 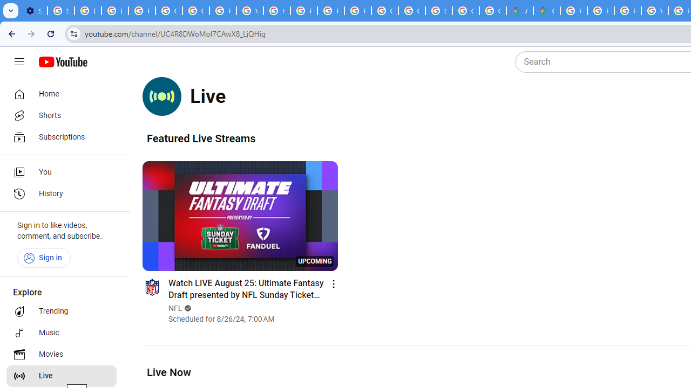 I want to click on 'Trending', so click(x=60, y=311).